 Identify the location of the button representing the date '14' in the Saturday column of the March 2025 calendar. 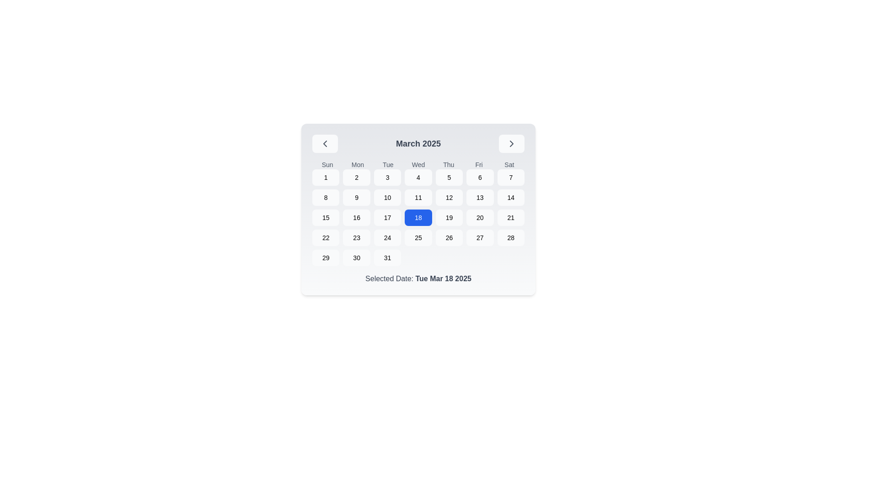
(510, 197).